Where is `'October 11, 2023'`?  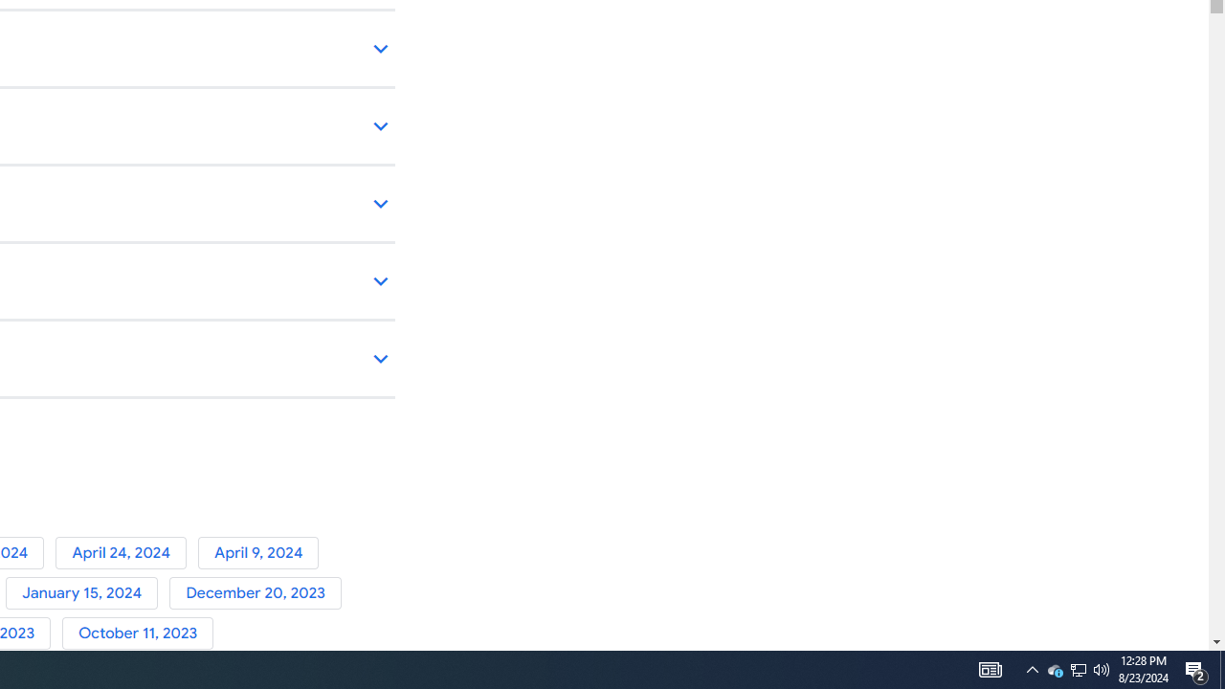
'October 11, 2023' is located at coordinates (140, 633).